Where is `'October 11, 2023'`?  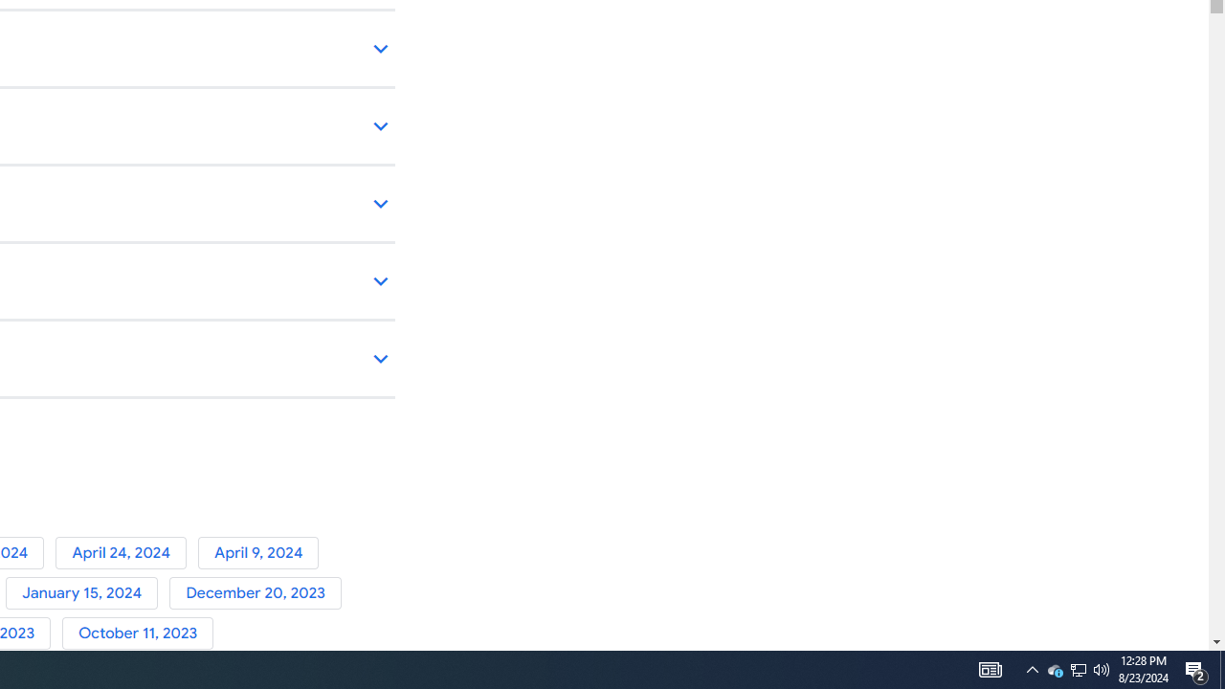
'October 11, 2023' is located at coordinates (140, 633).